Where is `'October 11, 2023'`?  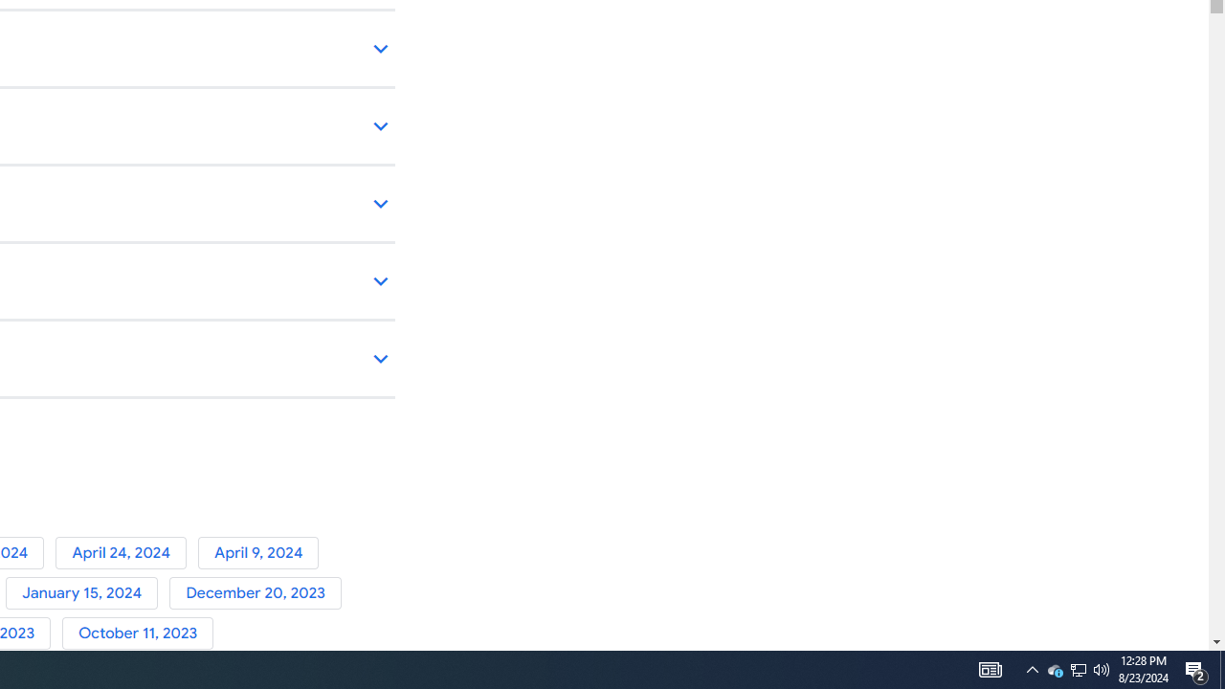
'October 11, 2023' is located at coordinates (140, 633).